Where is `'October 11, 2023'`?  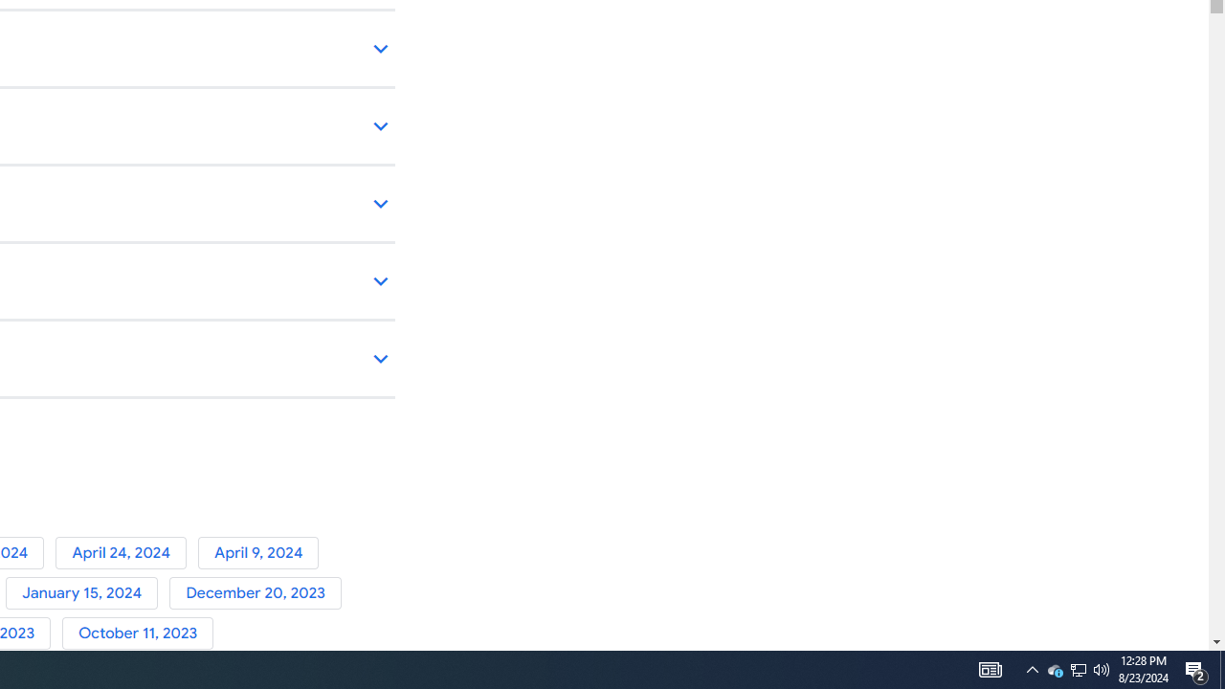
'October 11, 2023' is located at coordinates (140, 633).